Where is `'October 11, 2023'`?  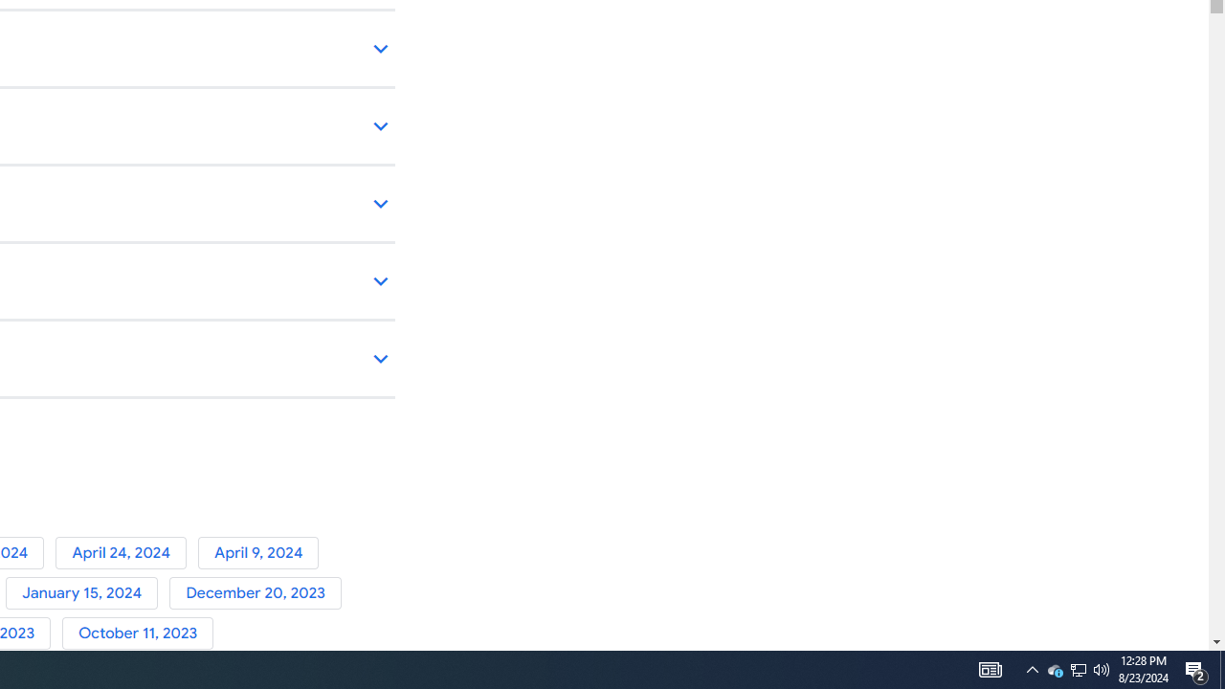
'October 11, 2023' is located at coordinates (140, 633).